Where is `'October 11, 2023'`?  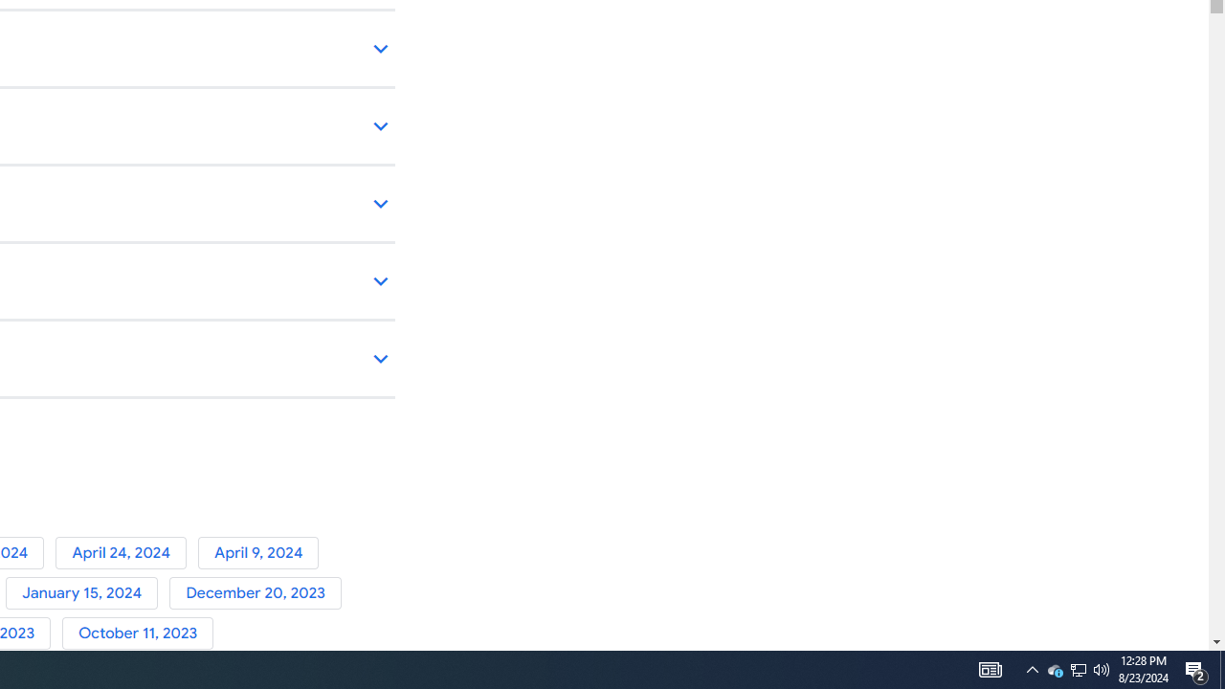
'October 11, 2023' is located at coordinates (140, 633).